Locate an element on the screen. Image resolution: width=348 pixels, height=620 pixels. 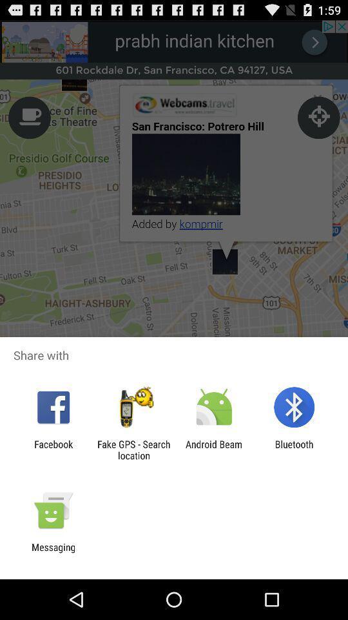
item to the right of fake gps search app is located at coordinates (214, 449).